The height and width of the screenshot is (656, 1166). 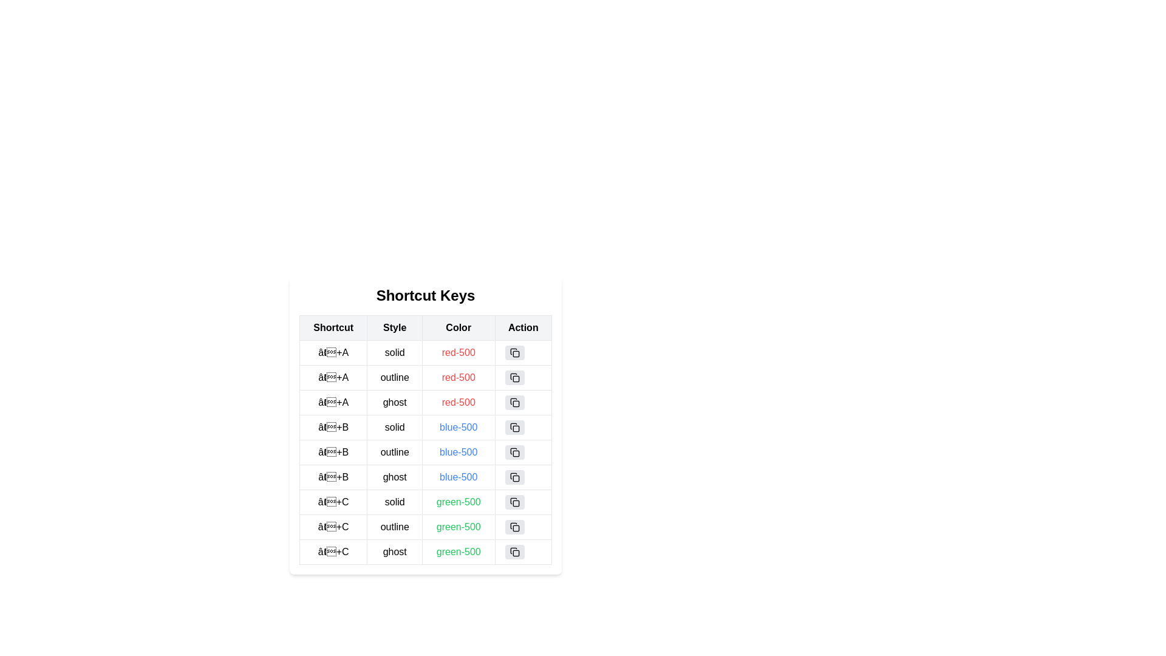 What do you see at coordinates (513, 451) in the screenshot?
I see `the clipboard icon in the 'Action' column of the 'blue-500 outline' row` at bounding box center [513, 451].